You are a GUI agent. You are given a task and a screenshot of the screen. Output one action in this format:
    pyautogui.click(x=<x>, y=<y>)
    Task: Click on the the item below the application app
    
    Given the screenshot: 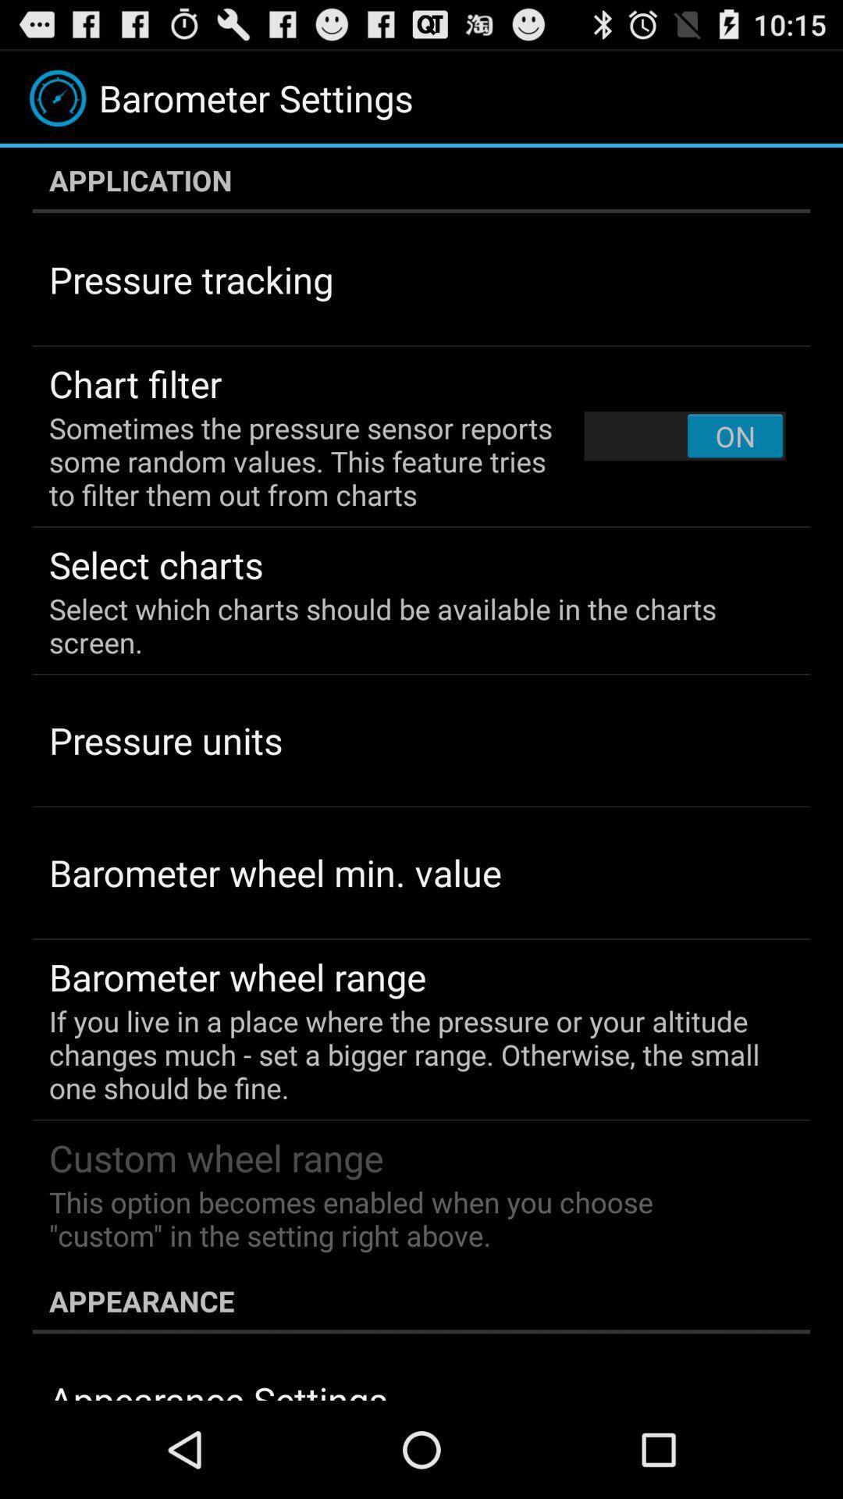 What is the action you would take?
    pyautogui.click(x=684, y=436)
    